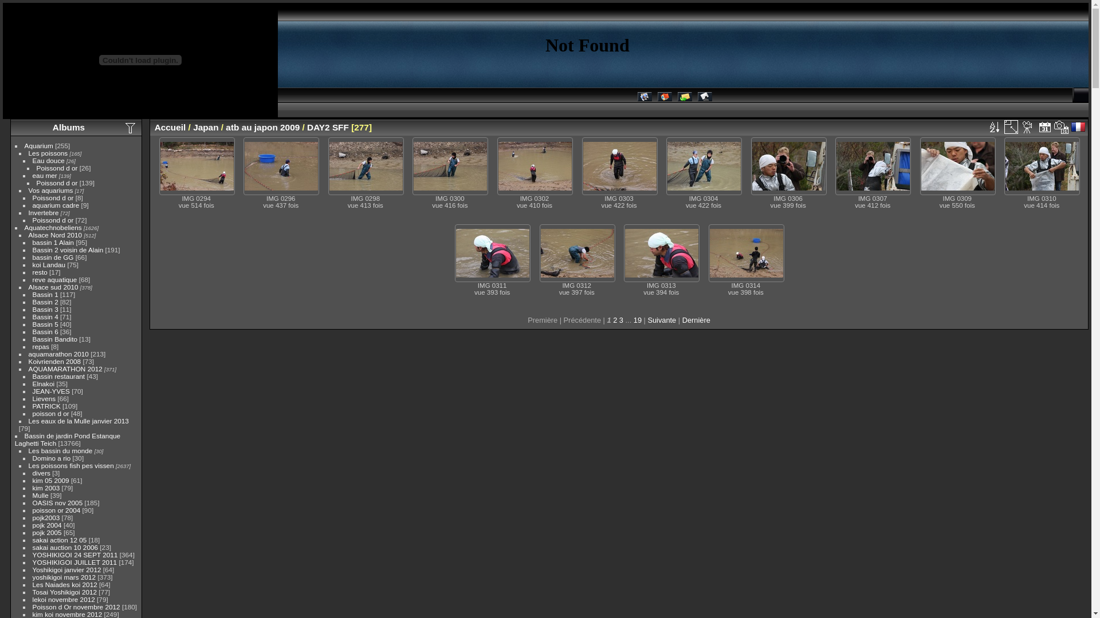 This screenshot has width=1100, height=618. I want to click on 'OASIS nov 2005', so click(57, 502).